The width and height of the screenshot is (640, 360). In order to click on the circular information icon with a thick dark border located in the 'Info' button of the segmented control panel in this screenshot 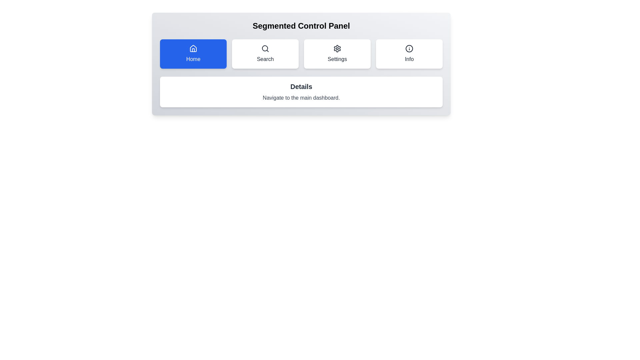, I will do `click(409, 48)`.